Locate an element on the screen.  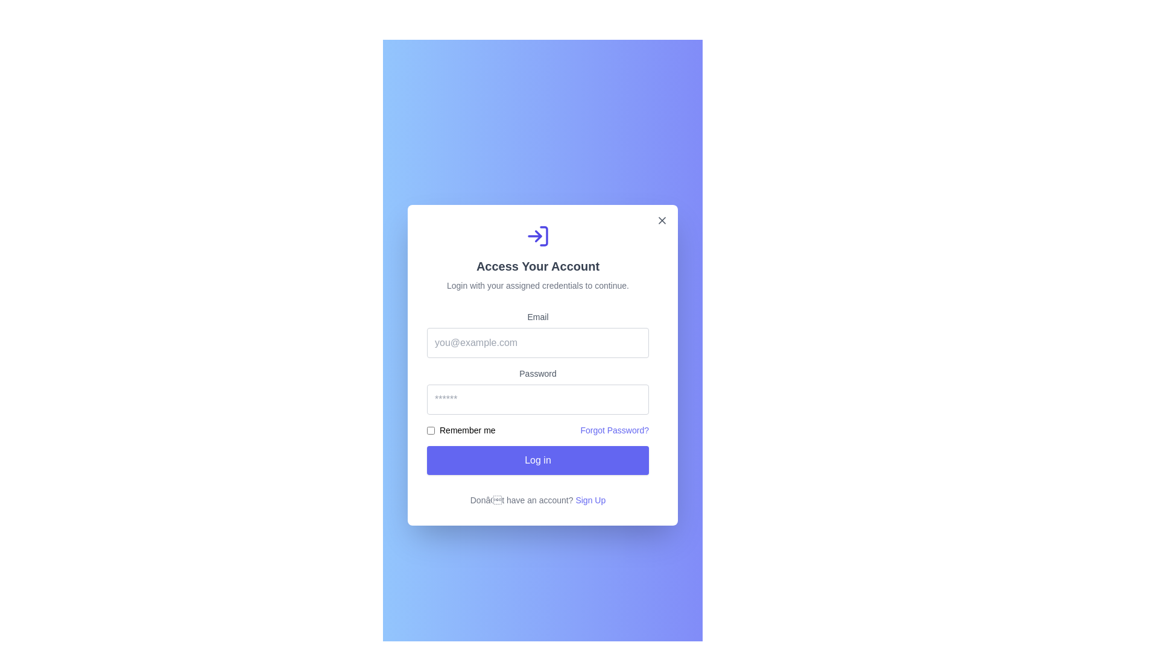
the 'Remember me' checkbox is located at coordinates (431, 429).